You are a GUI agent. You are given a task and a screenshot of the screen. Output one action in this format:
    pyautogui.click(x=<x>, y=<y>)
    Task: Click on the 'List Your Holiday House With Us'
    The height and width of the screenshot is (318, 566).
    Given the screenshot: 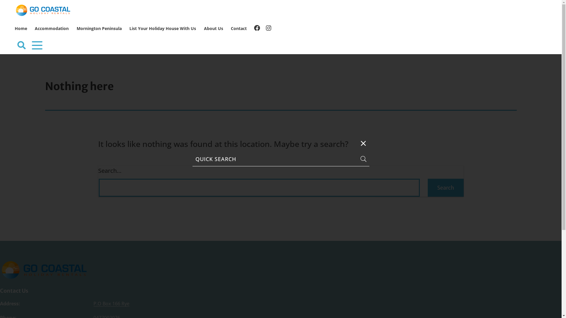 What is the action you would take?
    pyautogui.click(x=163, y=29)
    